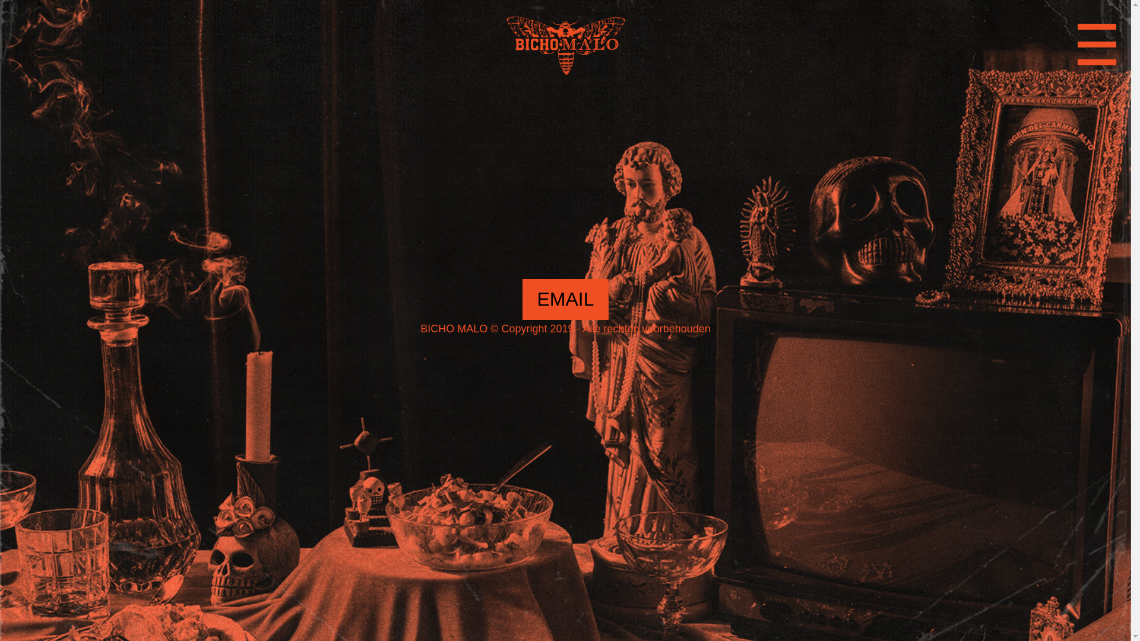 Image resolution: width=1140 pixels, height=641 pixels. What do you see at coordinates (564, 299) in the screenshot?
I see `'EMAIL'` at bounding box center [564, 299].